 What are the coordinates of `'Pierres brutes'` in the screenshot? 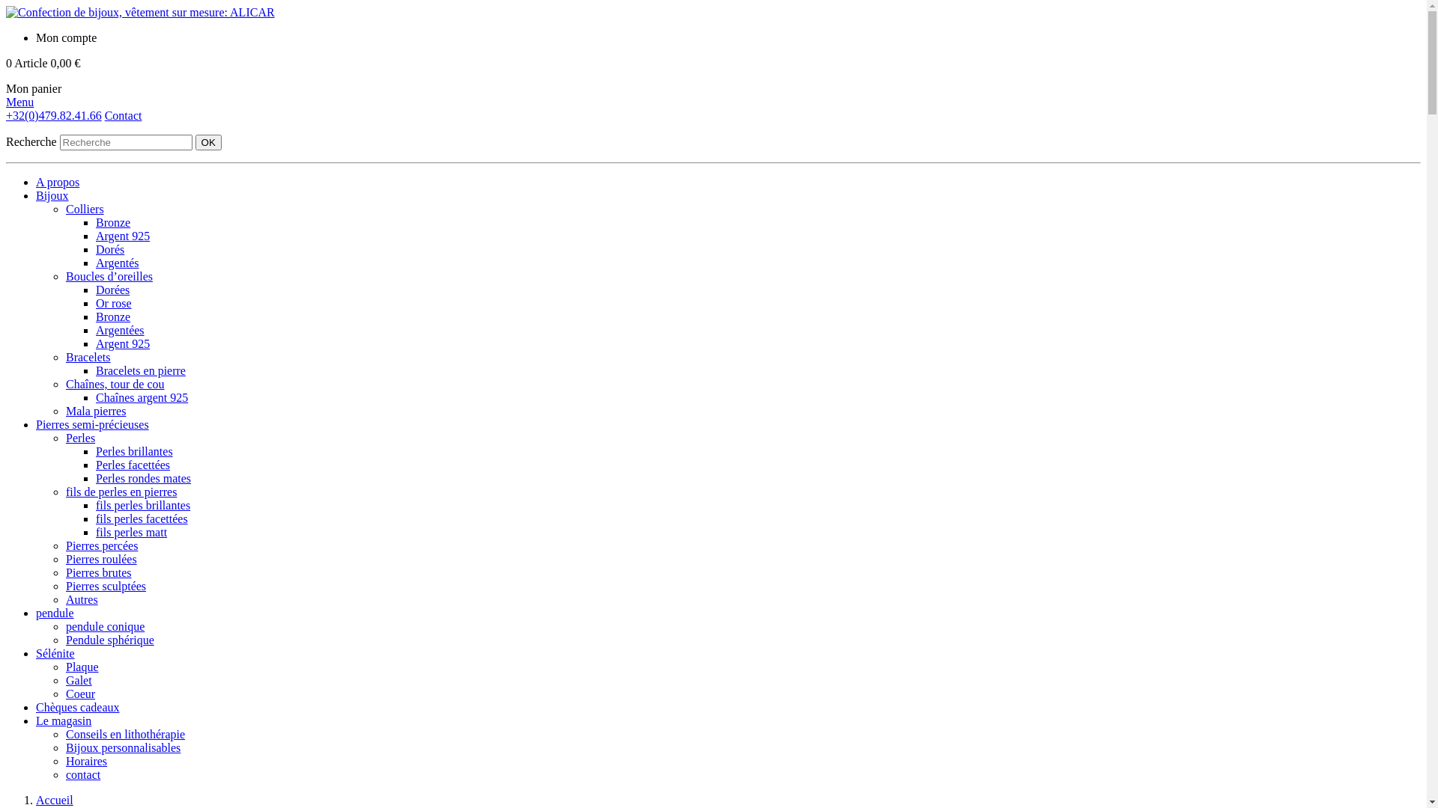 It's located at (97, 572).